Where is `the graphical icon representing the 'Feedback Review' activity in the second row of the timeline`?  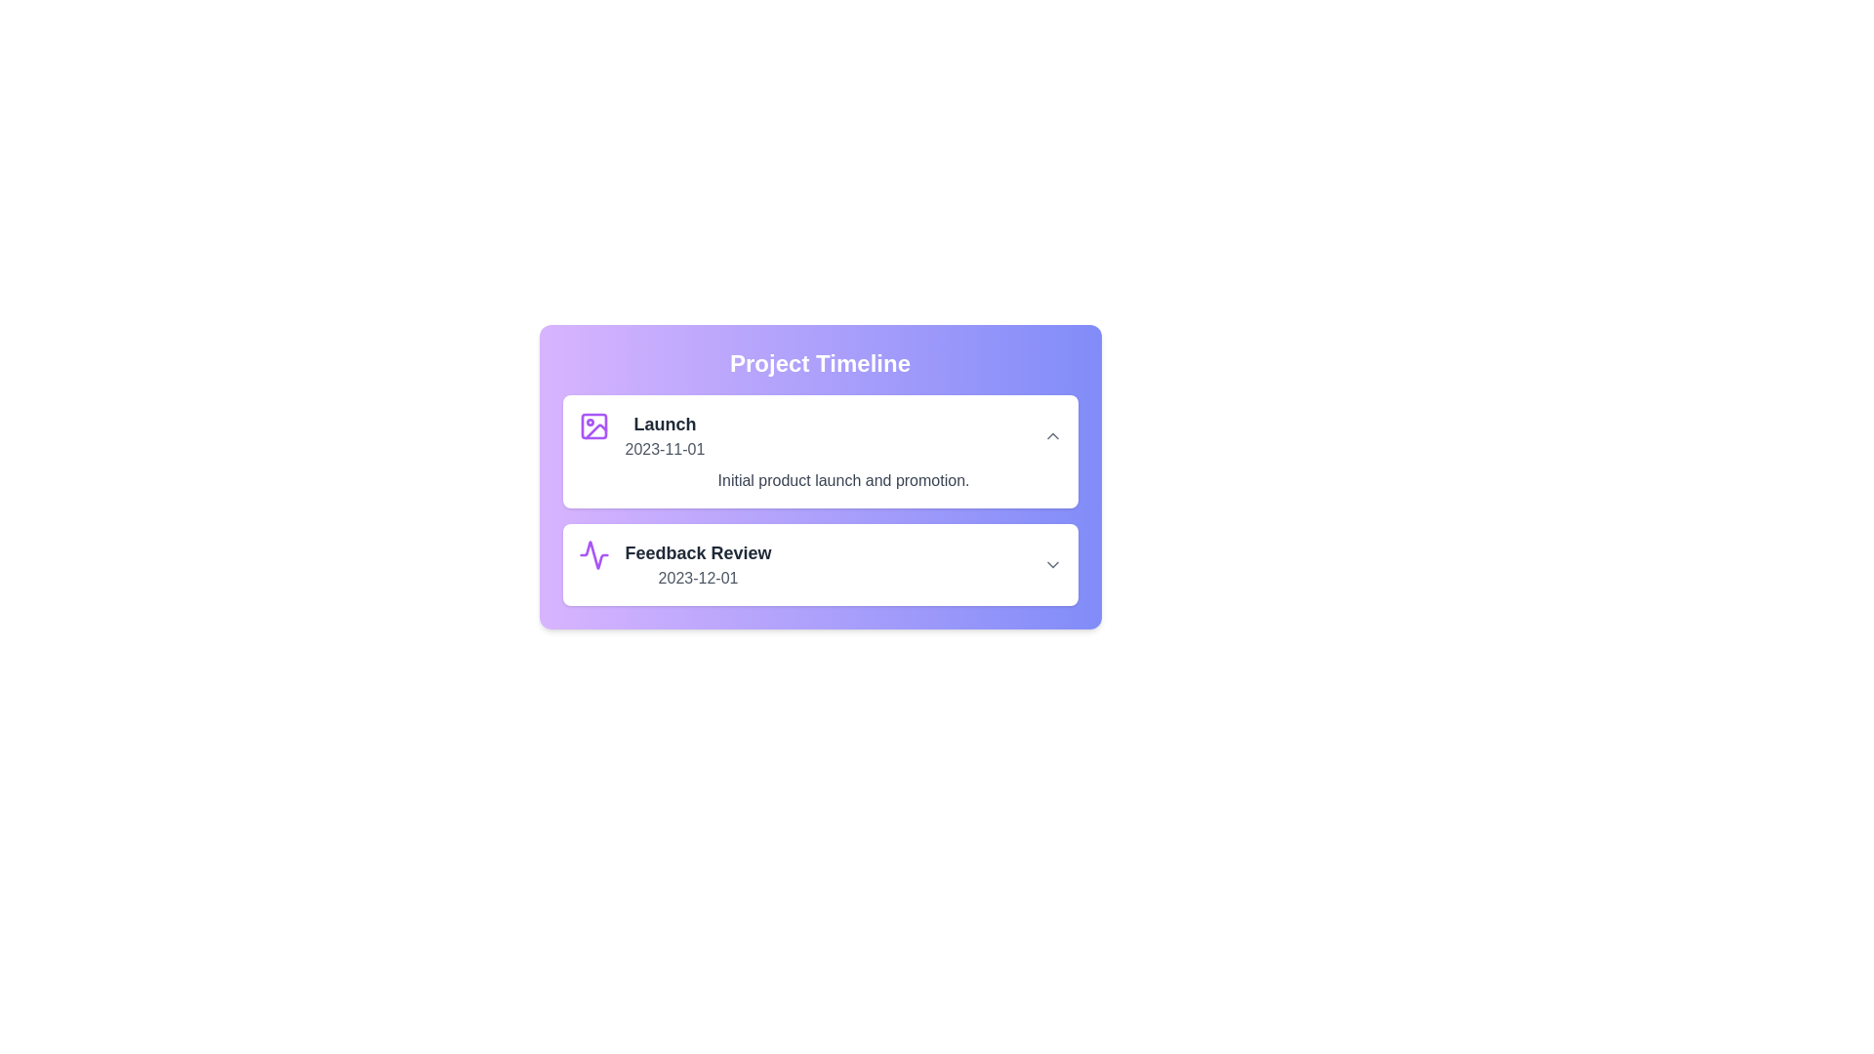 the graphical icon representing the 'Feedback Review' activity in the second row of the timeline is located at coordinates (592, 555).